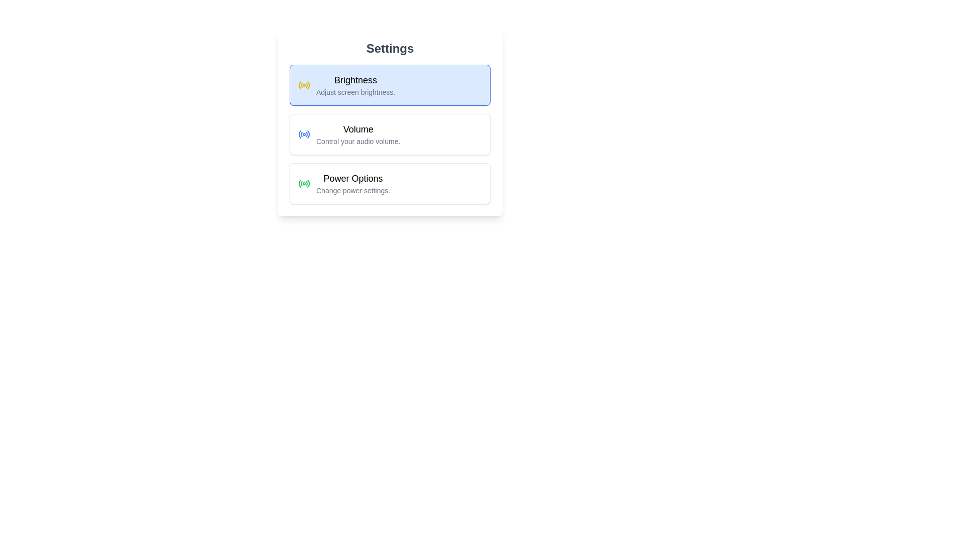 The width and height of the screenshot is (964, 542). I want to click on the top text label for the 'Brightness' section, which serves as a label for brightness settings, so click(355, 79).